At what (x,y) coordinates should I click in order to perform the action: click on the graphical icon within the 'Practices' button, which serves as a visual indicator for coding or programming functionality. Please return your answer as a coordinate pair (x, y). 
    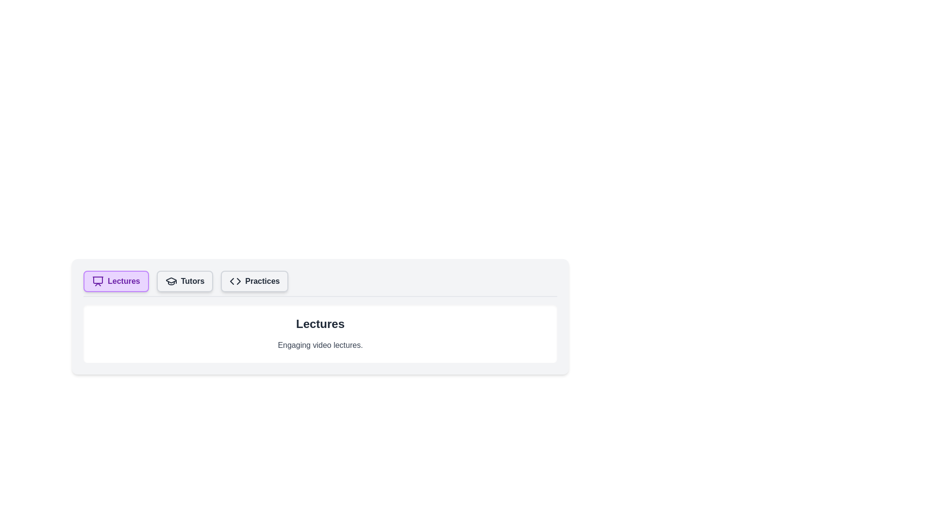
    Looking at the image, I should click on (235, 281).